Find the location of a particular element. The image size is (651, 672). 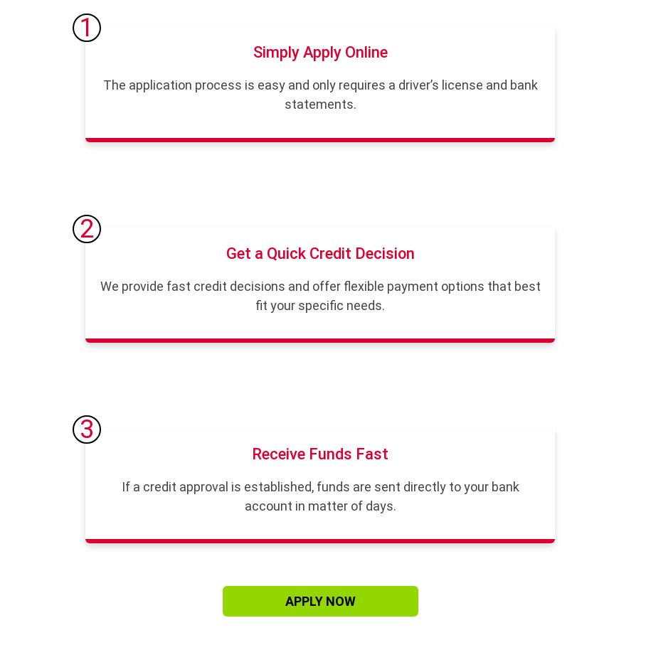

'3' is located at coordinates (86, 429).